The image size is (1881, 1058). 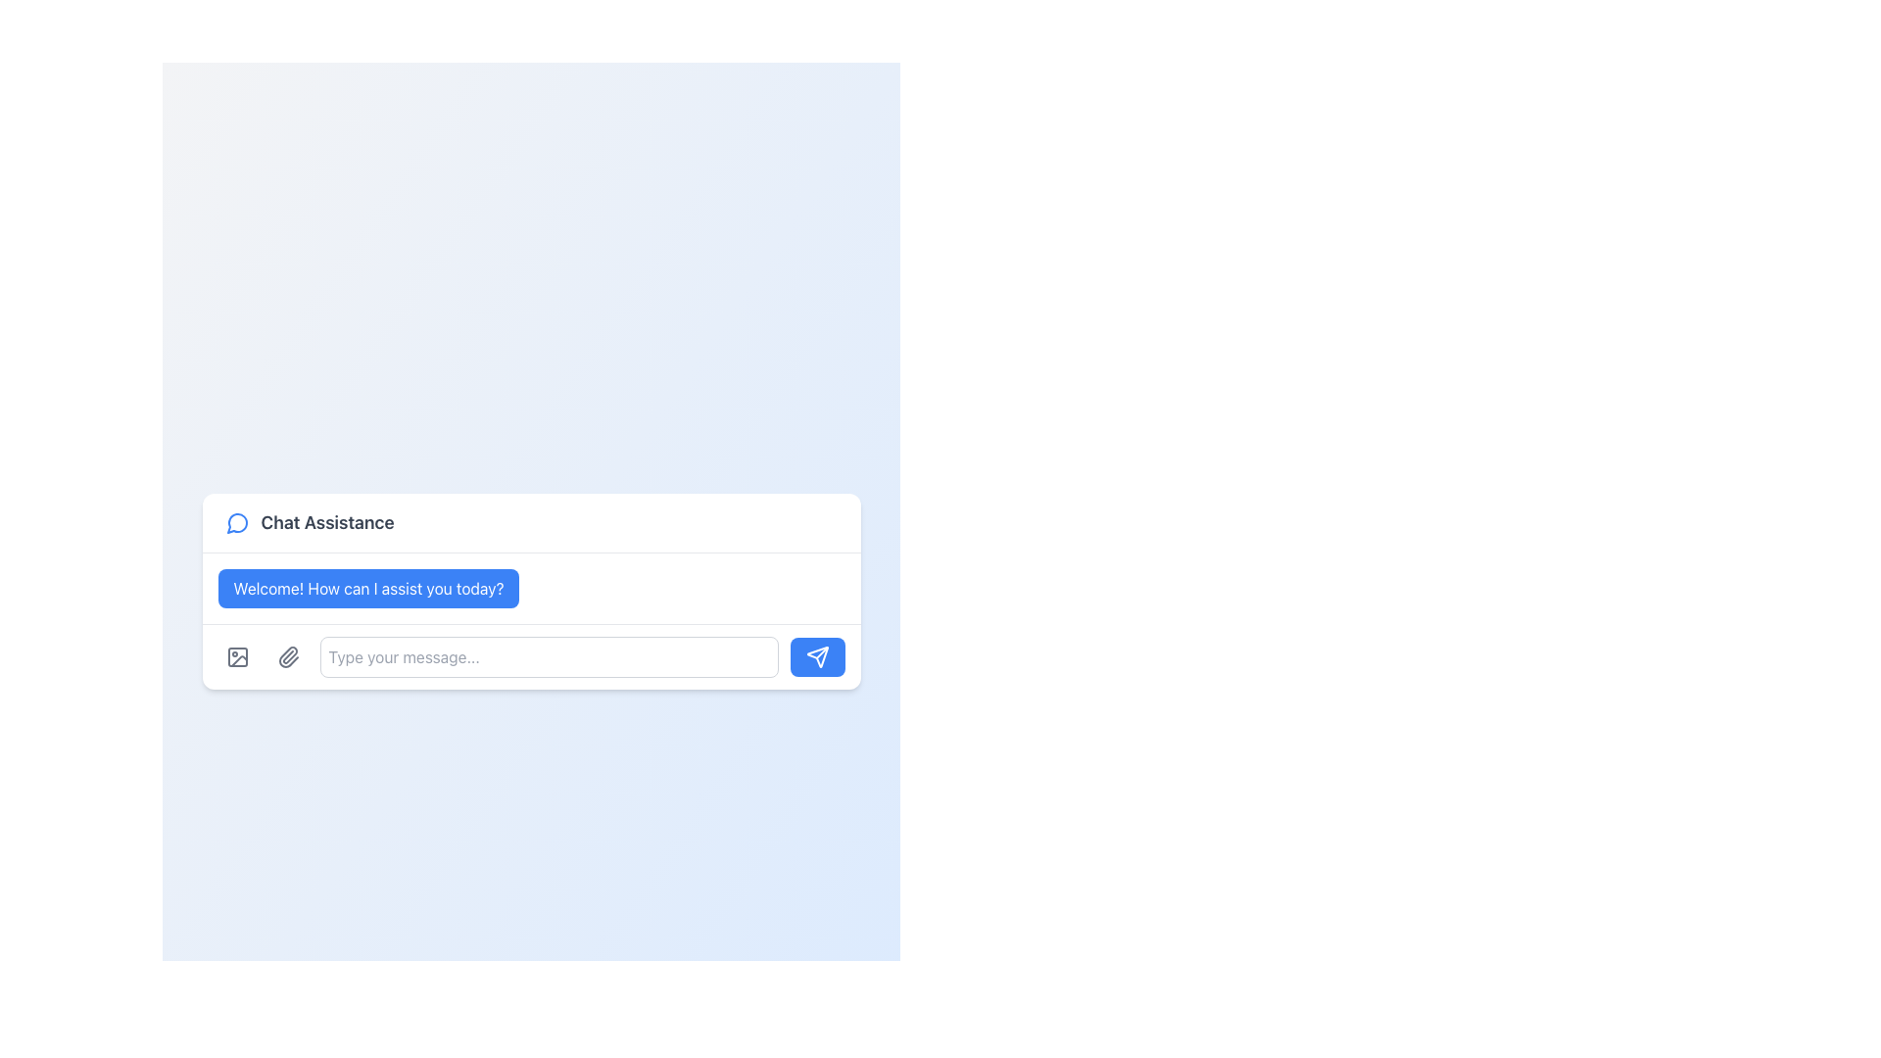 What do you see at coordinates (821, 652) in the screenshot?
I see `the 'send' icon which includes the diagonal line element in the SVG graphic located at the bottom-right of the chat input bar` at bounding box center [821, 652].